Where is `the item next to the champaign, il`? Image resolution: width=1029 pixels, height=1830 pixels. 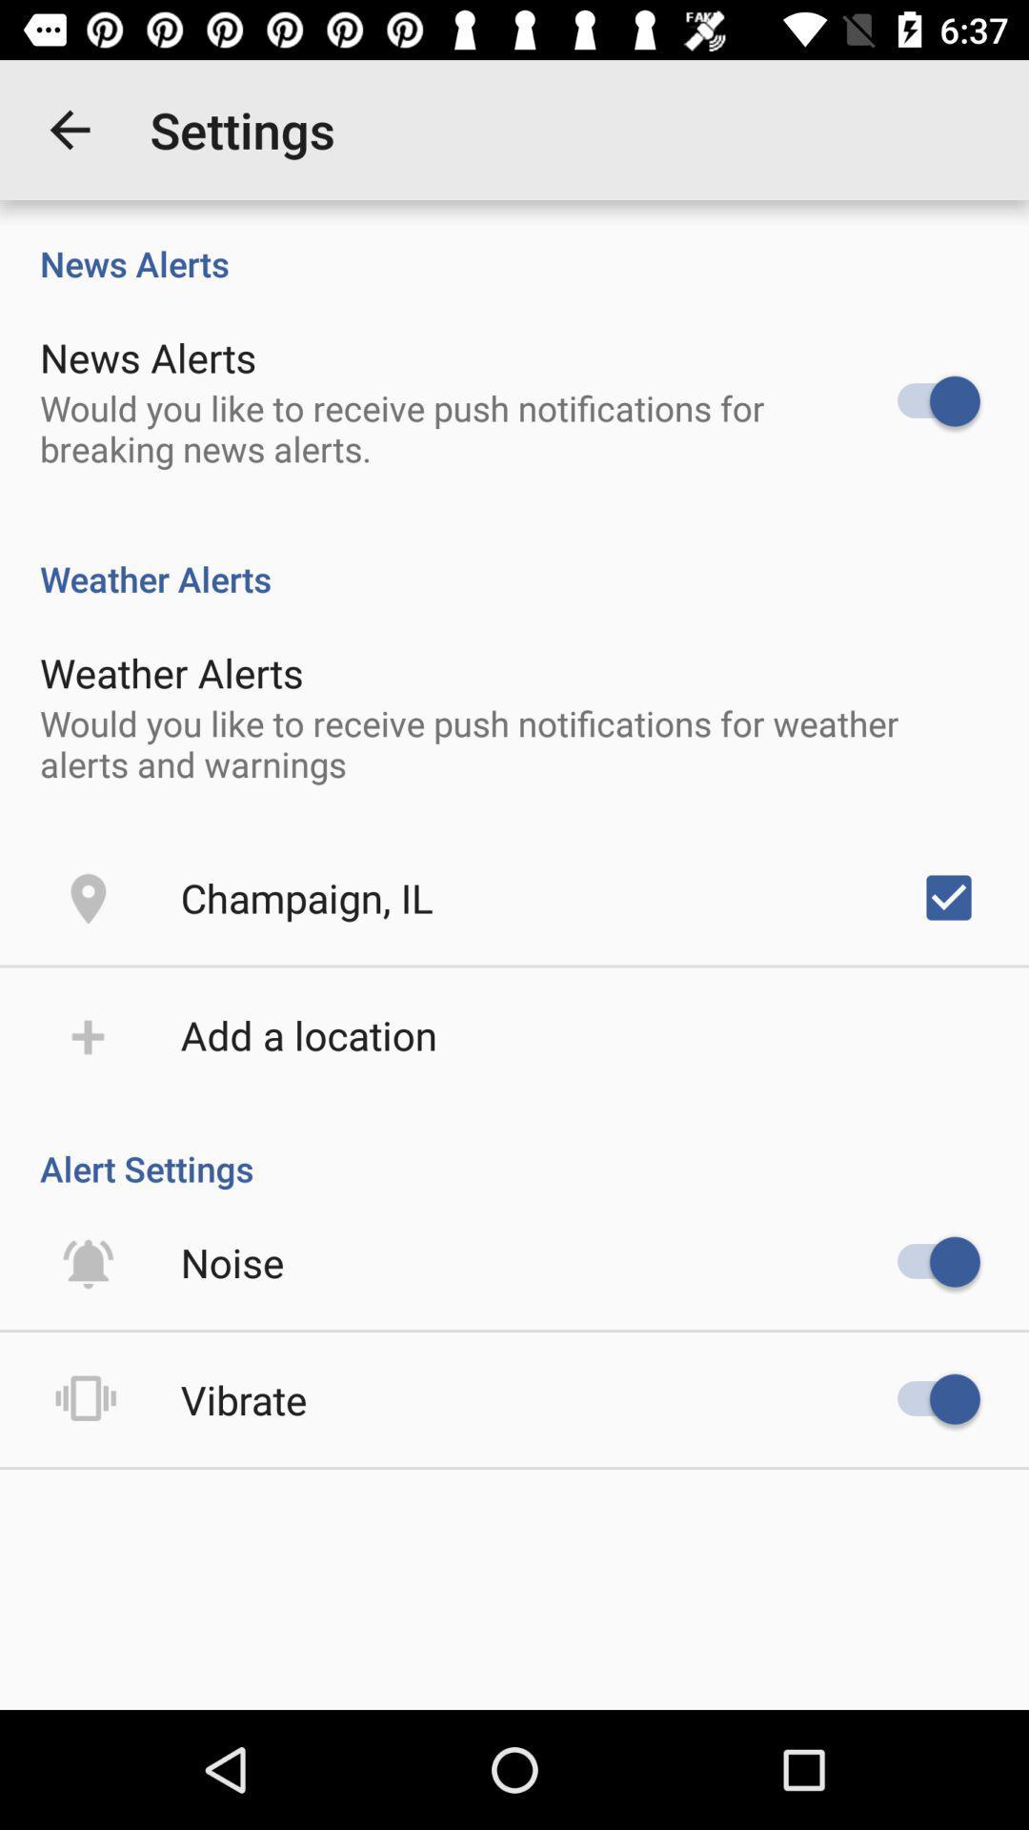 the item next to the champaign, il is located at coordinates (948, 896).